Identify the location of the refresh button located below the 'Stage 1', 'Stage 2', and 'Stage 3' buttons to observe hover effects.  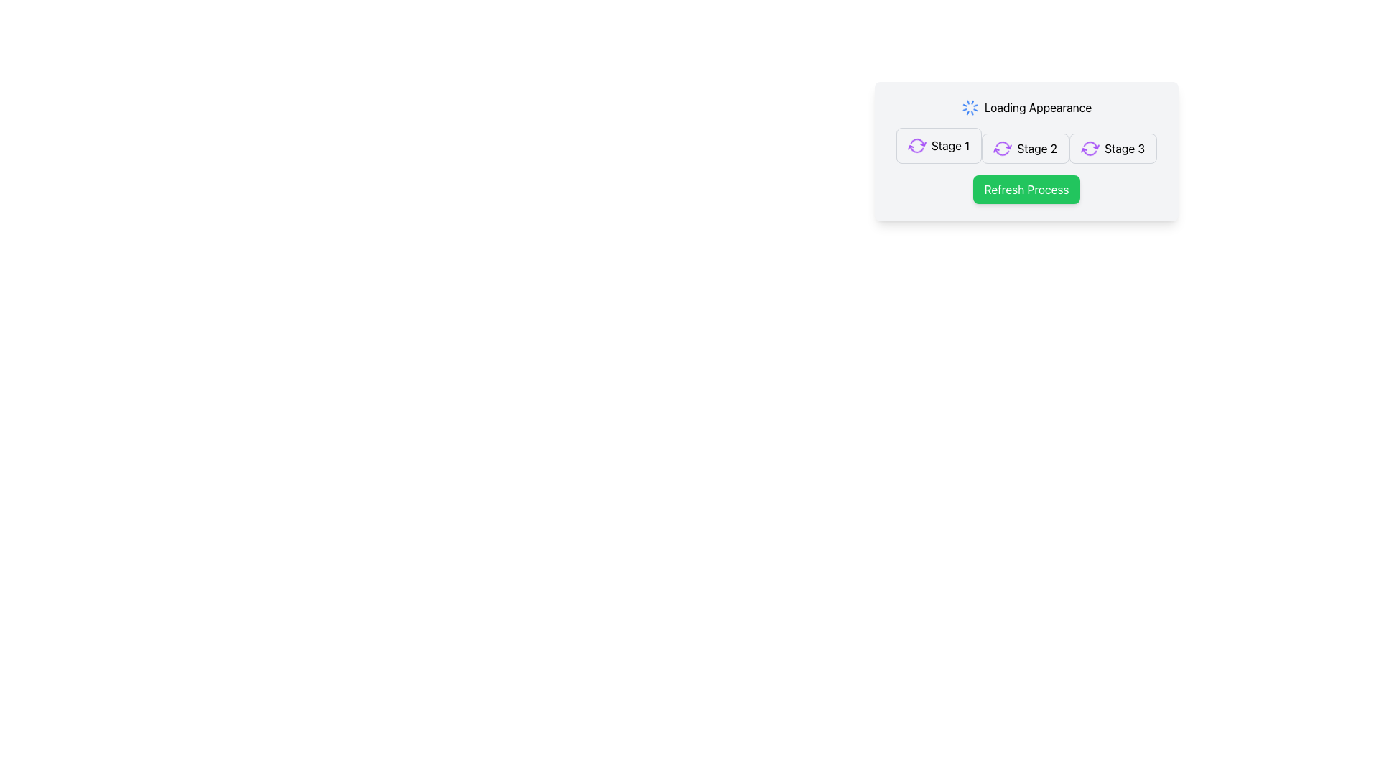
(1026, 188).